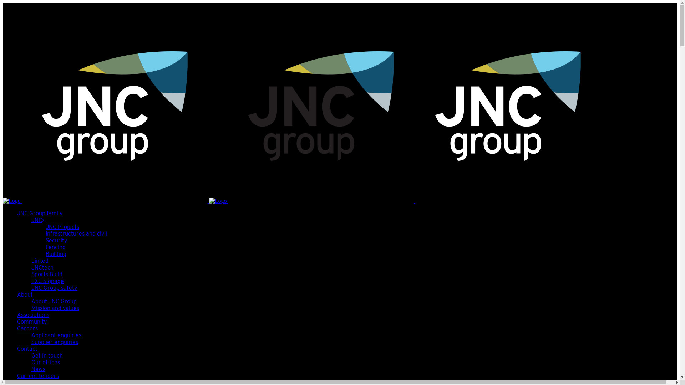 This screenshot has width=685, height=385. What do you see at coordinates (31, 362) in the screenshot?
I see `'Our offices'` at bounding box center [31, 362].